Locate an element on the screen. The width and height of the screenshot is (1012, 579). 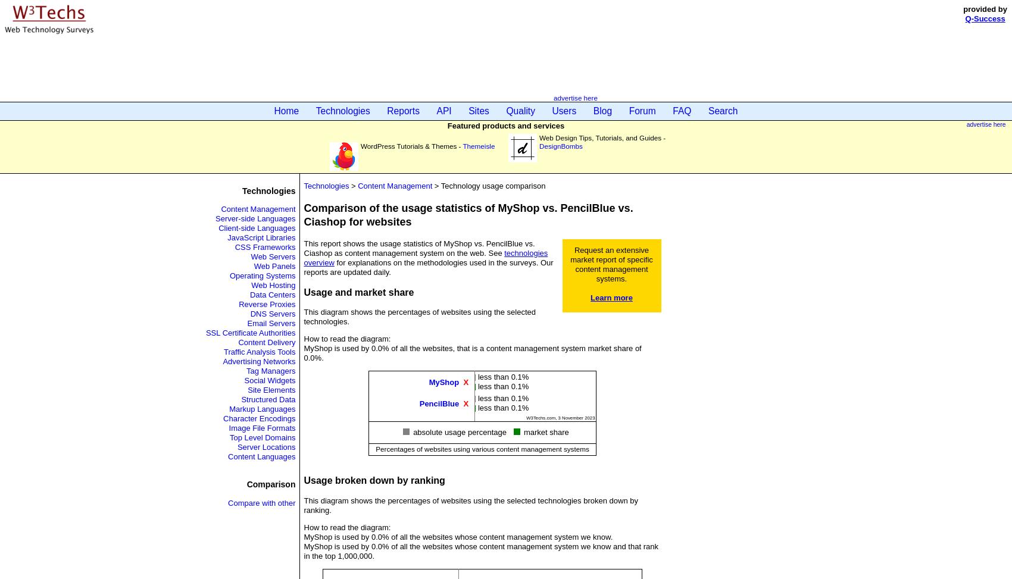
'Learn more' is located at coordinates (589, 296).